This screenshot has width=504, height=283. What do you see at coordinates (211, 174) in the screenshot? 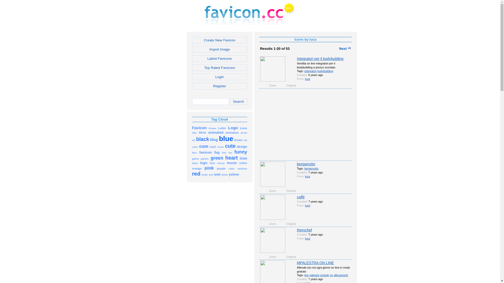
I see `'tree'` at bounding box center [211, 174].